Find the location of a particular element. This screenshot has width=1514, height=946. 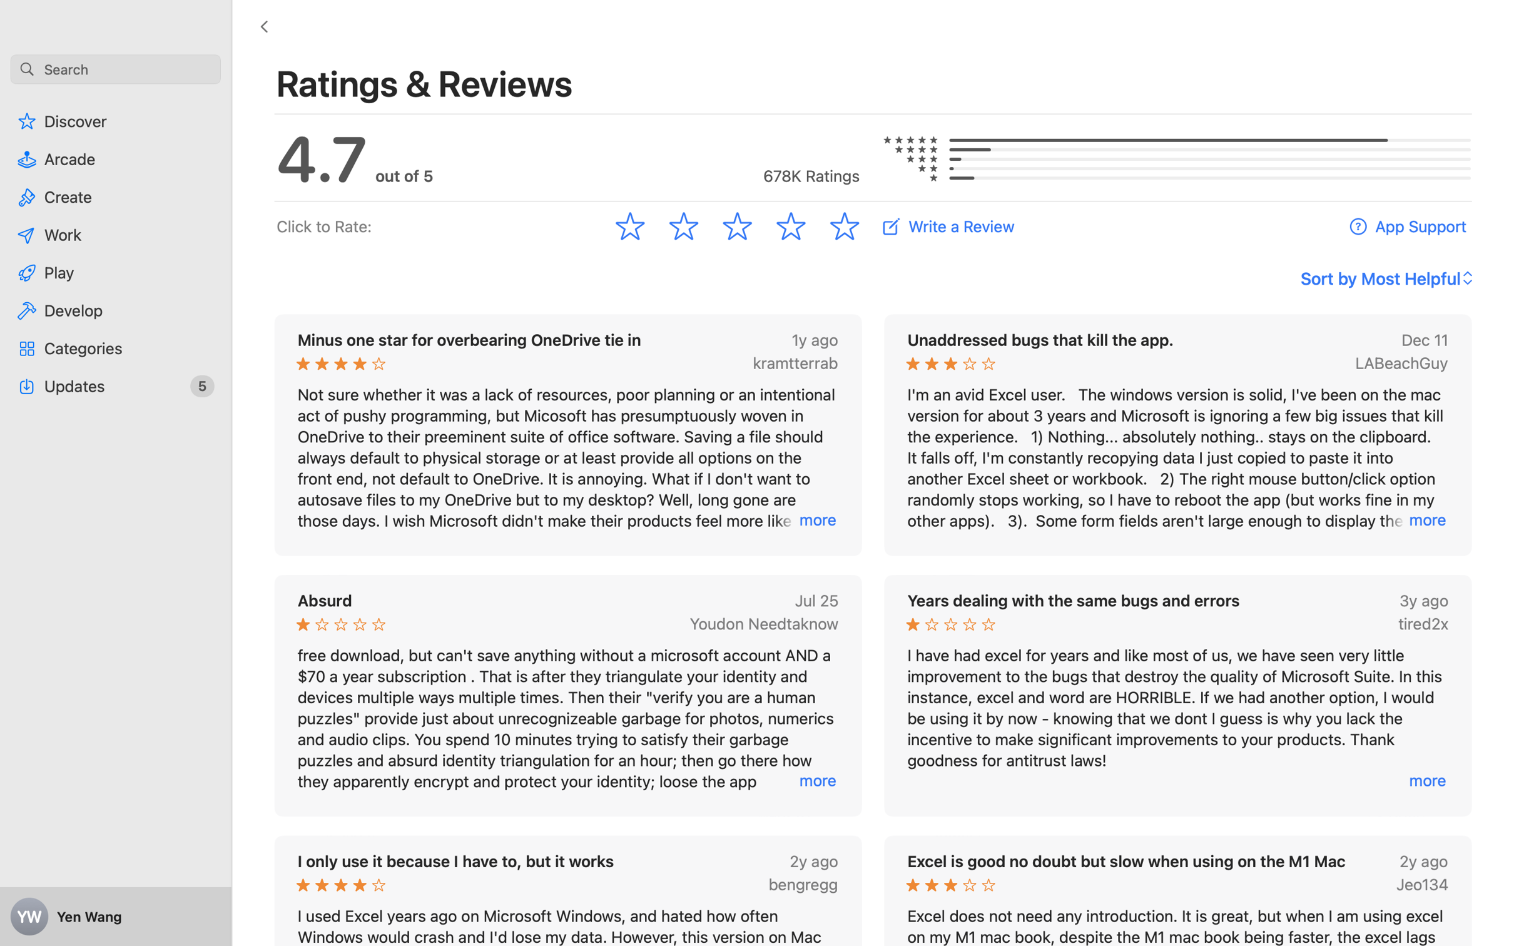

'Absurd, Jul 25, one star, Youdon Needtaknow, free download, but can' is located at coordinates (567, 695).